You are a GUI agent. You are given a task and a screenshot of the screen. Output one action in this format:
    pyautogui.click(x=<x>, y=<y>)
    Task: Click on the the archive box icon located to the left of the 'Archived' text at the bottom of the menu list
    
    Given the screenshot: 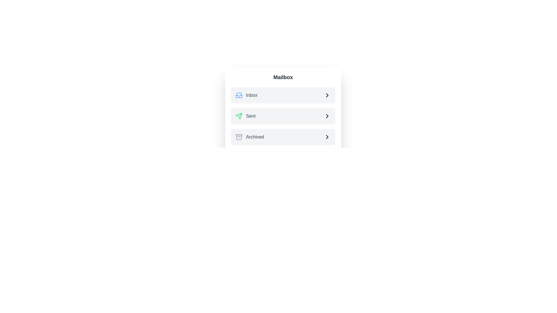 What is the action you would take?
    pyautogui.click(x=239, y=137)
    